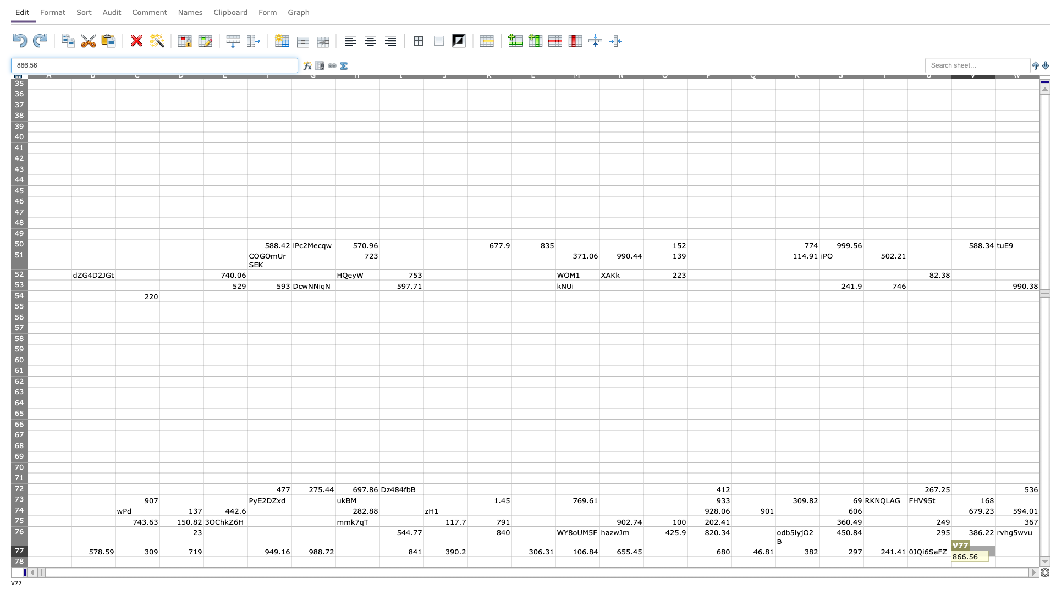 The height and width of the screenshot is (594, 1056). What do you see at coordinates (70, 567) in the screenshot?
I see `top left corner of B79` at bounding box center [70, 567].